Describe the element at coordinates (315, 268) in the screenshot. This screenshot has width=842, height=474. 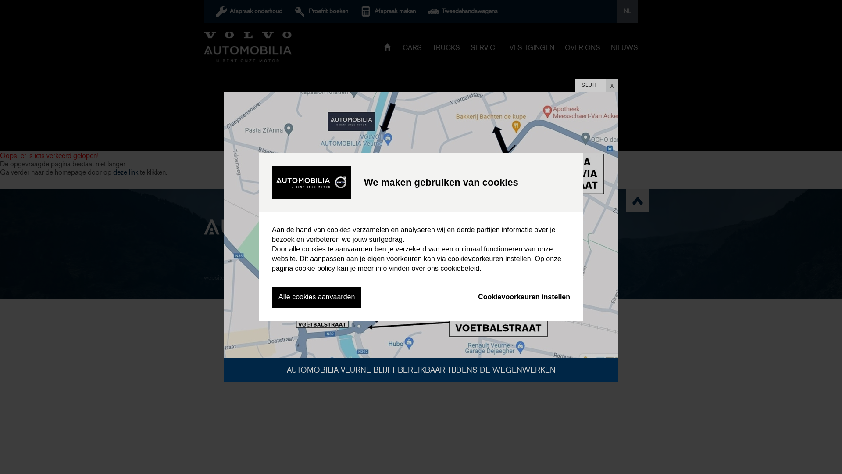
I see `'cookie policy'` at that location.